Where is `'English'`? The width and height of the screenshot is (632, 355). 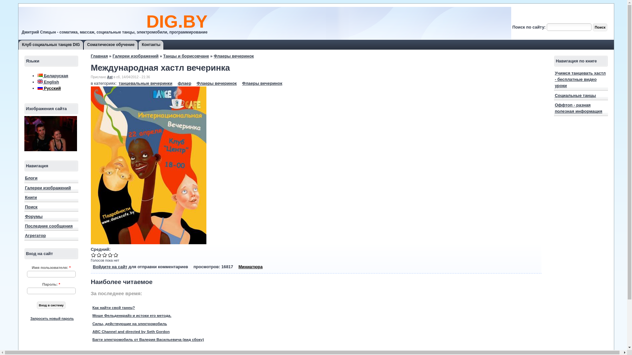
'English' is located at coordinates (39, 81).